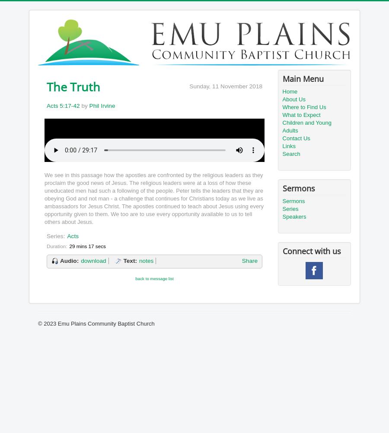 The width and height of the screenshot is (389, 433). What do you see at coordinates (293, 99) in the screenshot?
I see `'About Us'` at bounding box center [293, 99].